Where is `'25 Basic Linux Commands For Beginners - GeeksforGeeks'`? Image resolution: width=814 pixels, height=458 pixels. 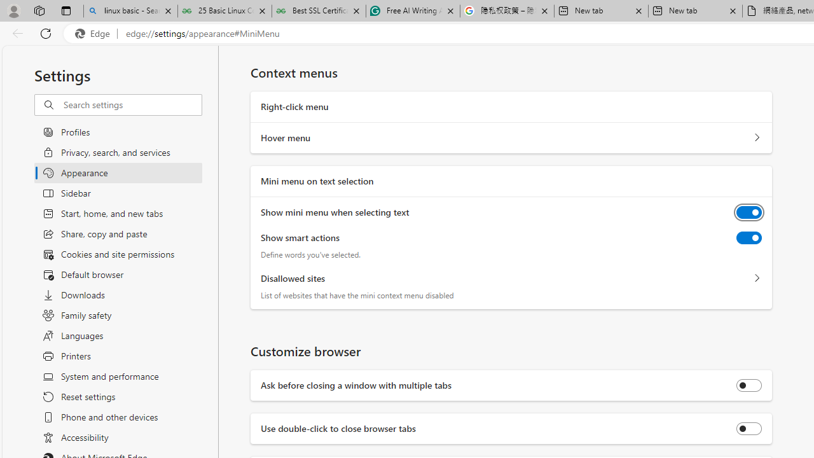
'25 Basic Linux Commands For Beginners - GeeksforGeeks' is located at coordinates (224, 11).